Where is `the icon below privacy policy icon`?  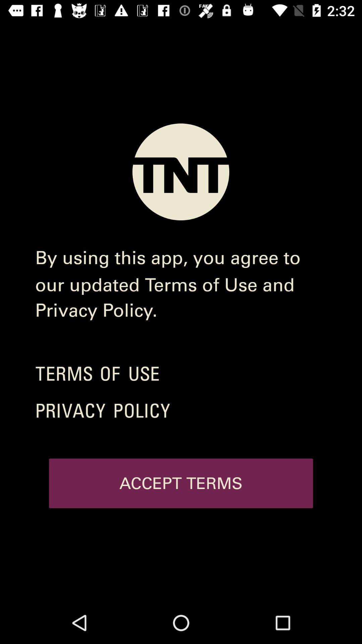 the icon below privacy policy icon is located at coordinates (181, 483).